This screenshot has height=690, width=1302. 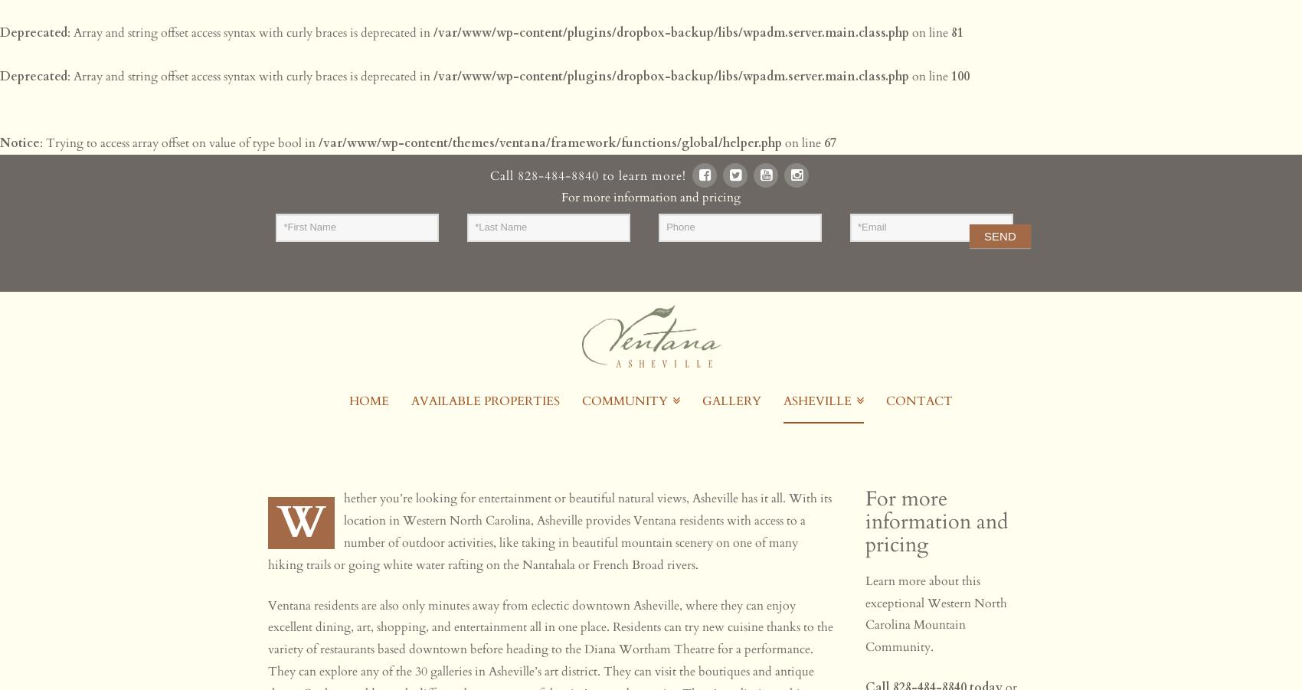 What do you see at coordinates (550, 141) in the screenshot?
I see `'/var/www/wp-content/themes/ventana/framework/functions/global/helper.php'` at bounding box center [550, 141].